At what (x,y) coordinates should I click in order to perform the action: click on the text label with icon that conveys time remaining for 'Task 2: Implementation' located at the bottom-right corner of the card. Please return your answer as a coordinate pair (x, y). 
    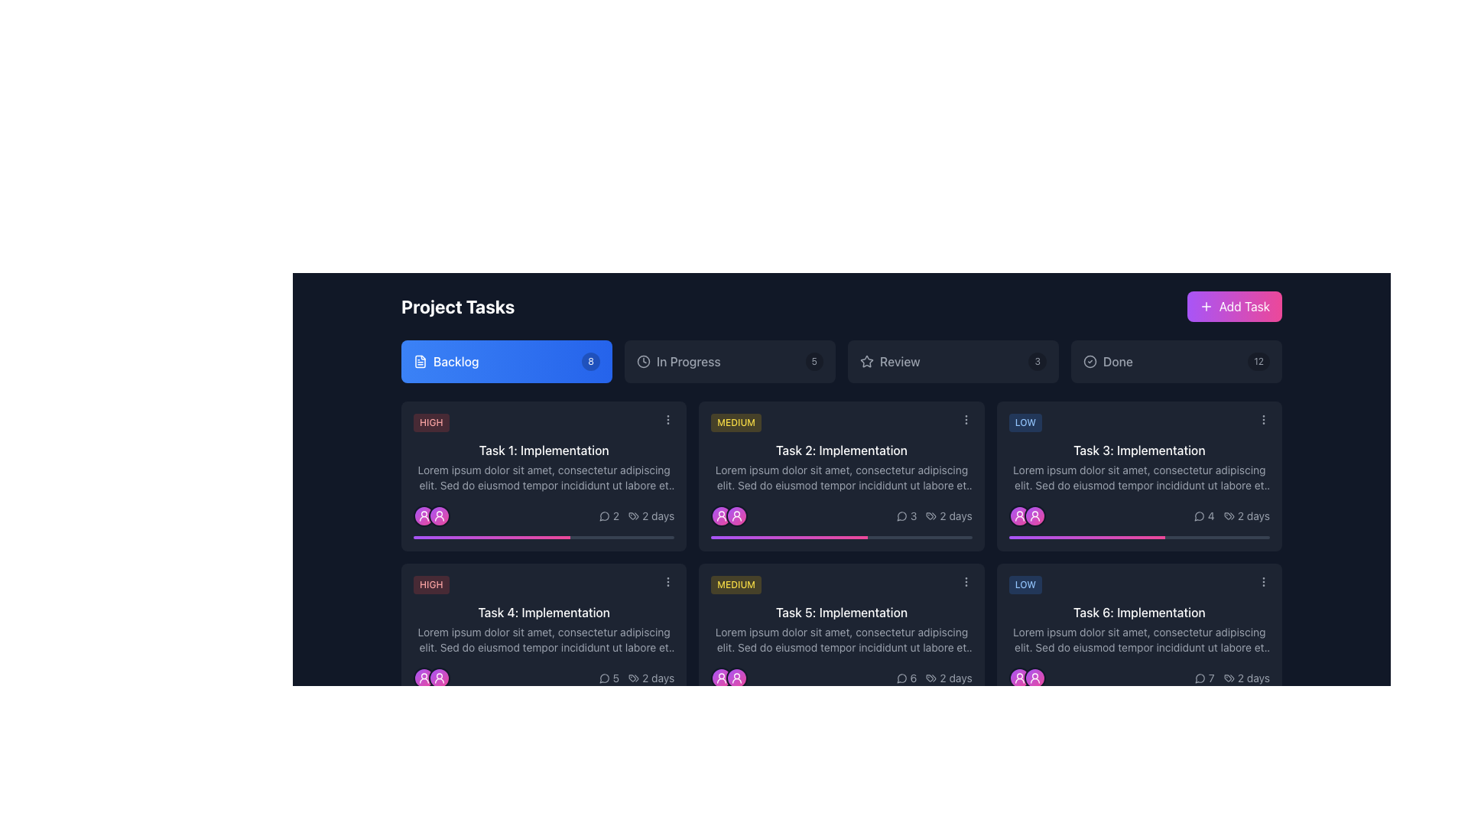
    Looking at the image, I should click on (637, 516).